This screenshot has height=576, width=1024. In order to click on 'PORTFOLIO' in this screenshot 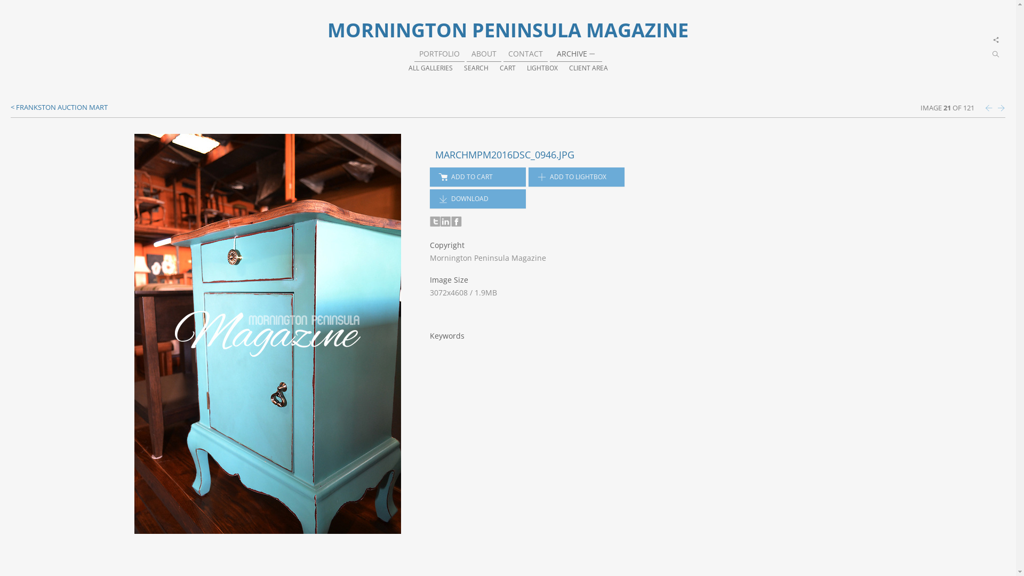, I will do `click(439, 53)`.